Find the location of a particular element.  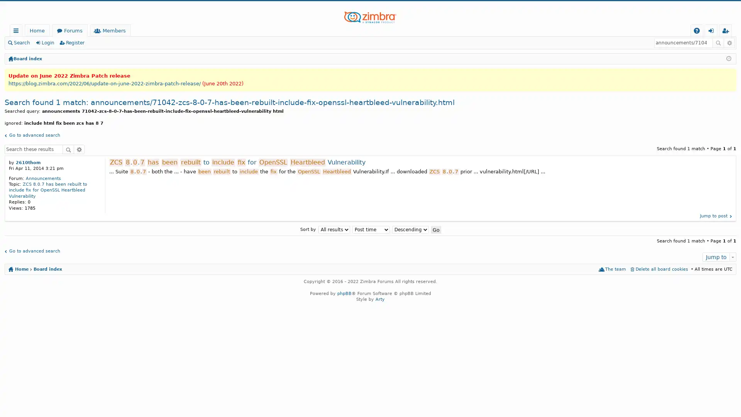

Search is located at coordinates (718, 43).